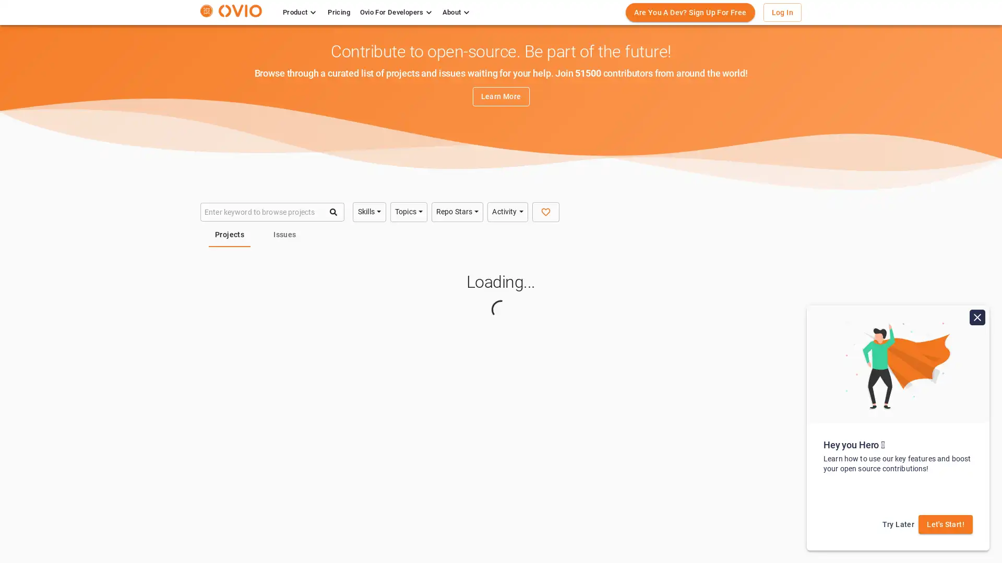 The width and height of the screenshot is (1002, 563). What do you see at coordinates (531, 445) in the screenshot?
I see `Java` at bounding box center [531, 445].